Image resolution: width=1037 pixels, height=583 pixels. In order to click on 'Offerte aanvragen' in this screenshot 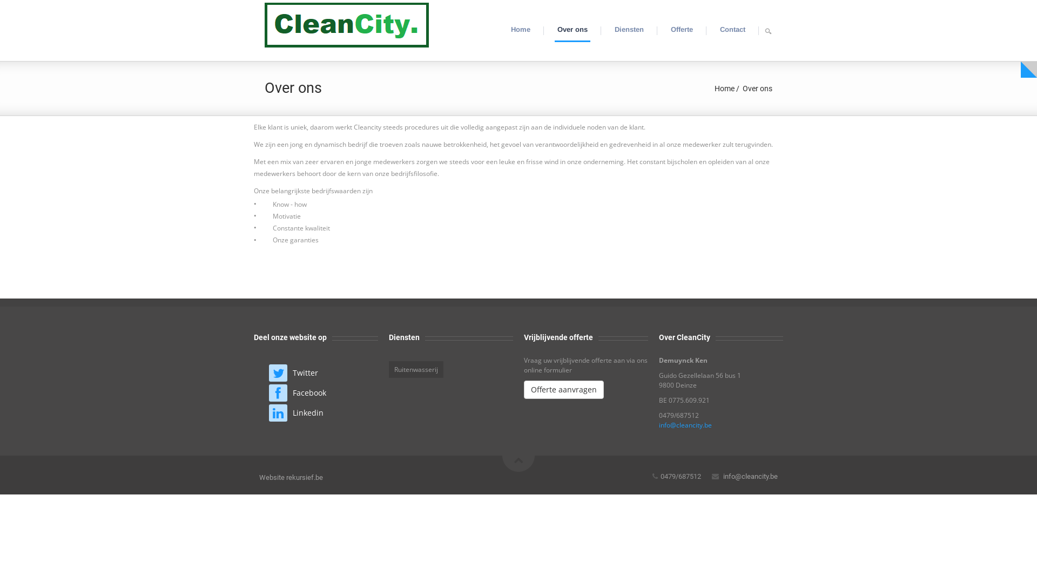, I will do `click(563, 389)`.